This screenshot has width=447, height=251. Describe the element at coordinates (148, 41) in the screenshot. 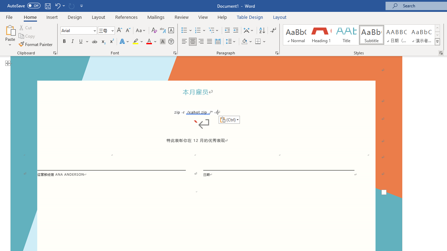

I see `'Font Color Red'` at that location.